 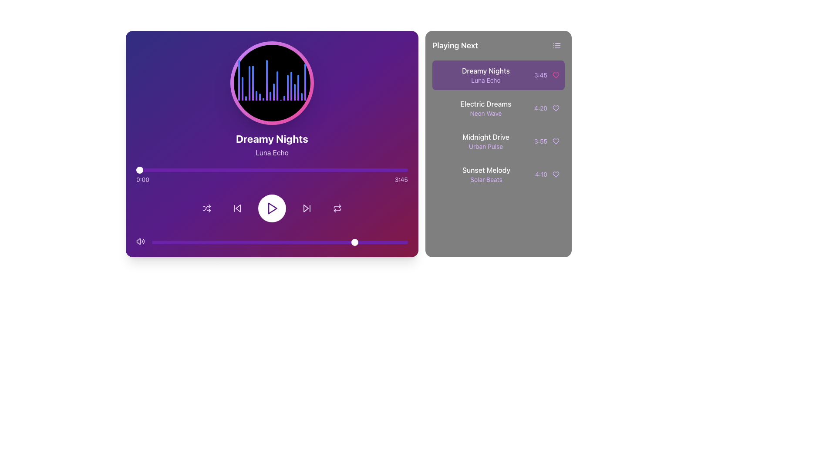 I want to click on the repeat playback mode button located to the immediate right of the main play button in the music player control panel, so click(x=337, y=208).